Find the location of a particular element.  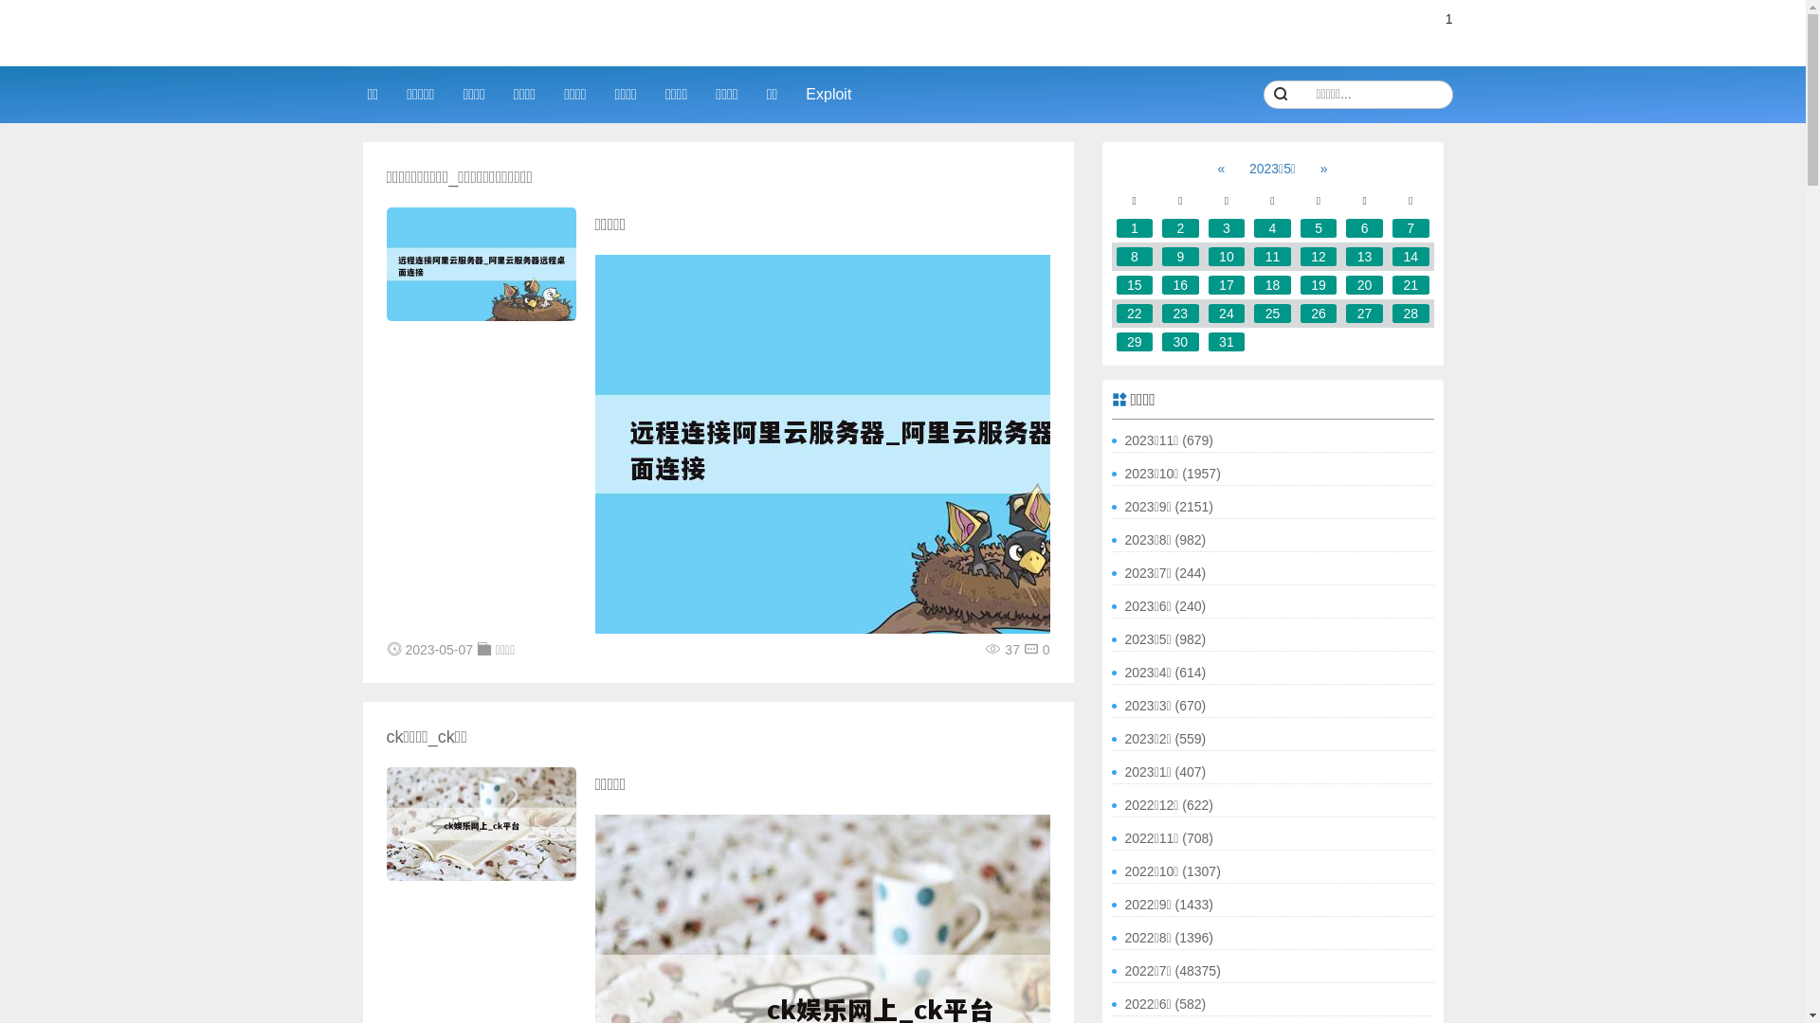

'25' is located at coordinates (1272, 313).